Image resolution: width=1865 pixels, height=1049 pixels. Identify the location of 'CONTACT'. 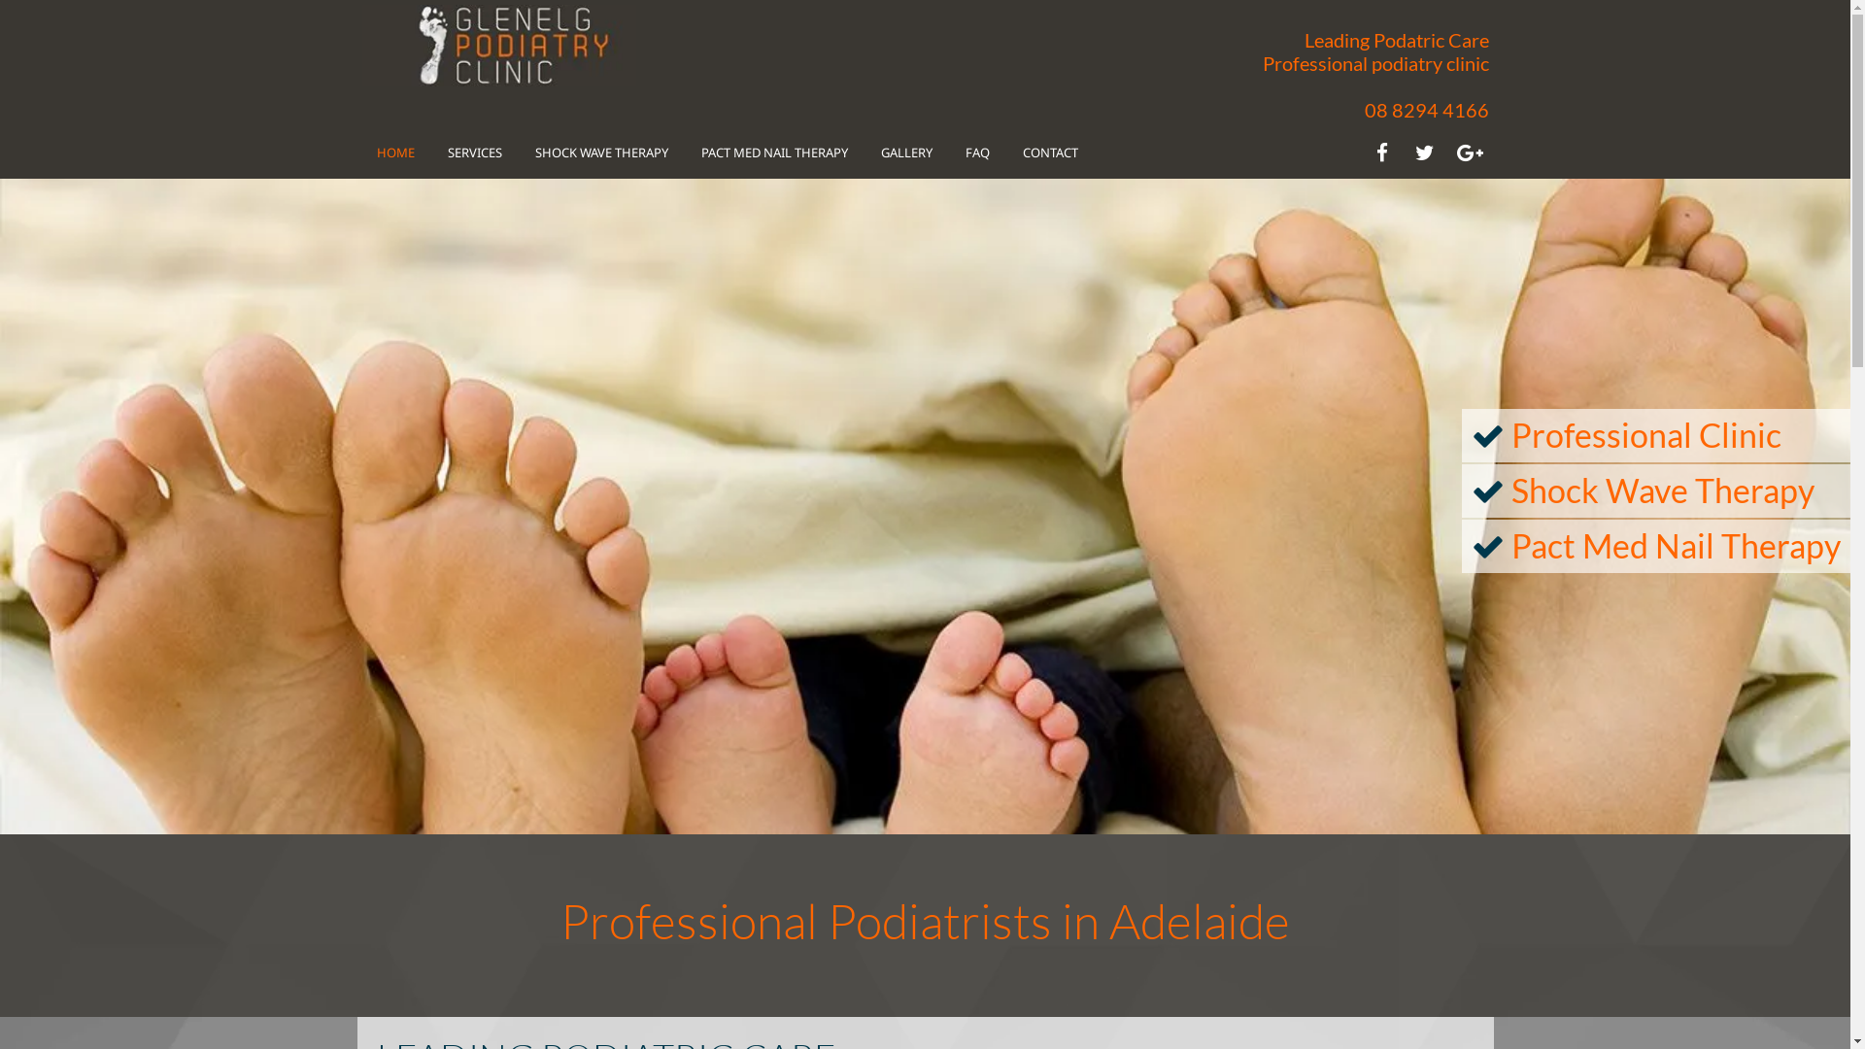
(1048, 151).